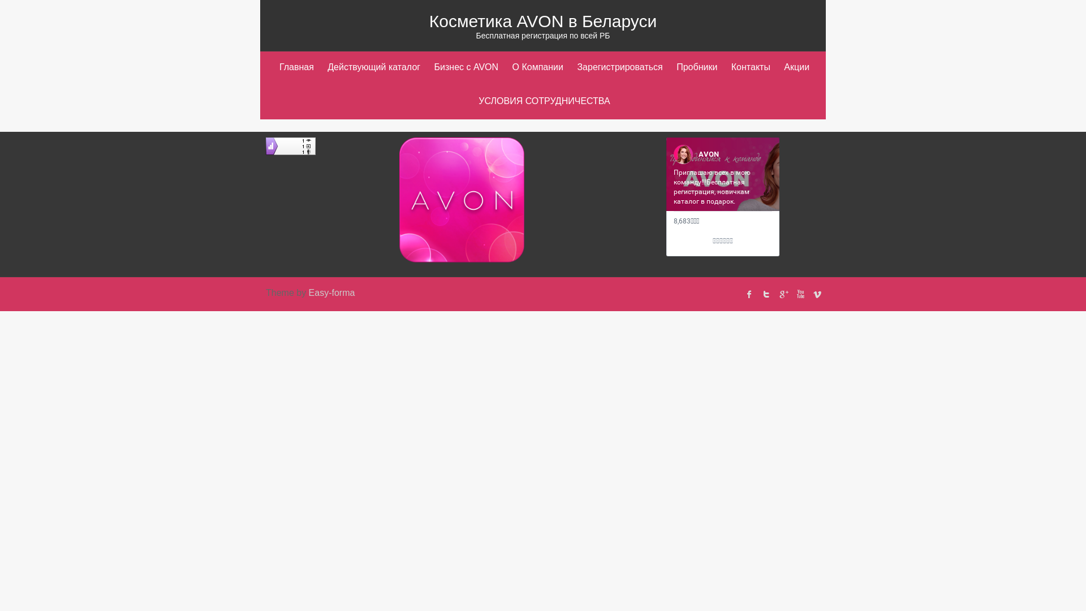  I want to click on 'Youtube', so click(800, 294).